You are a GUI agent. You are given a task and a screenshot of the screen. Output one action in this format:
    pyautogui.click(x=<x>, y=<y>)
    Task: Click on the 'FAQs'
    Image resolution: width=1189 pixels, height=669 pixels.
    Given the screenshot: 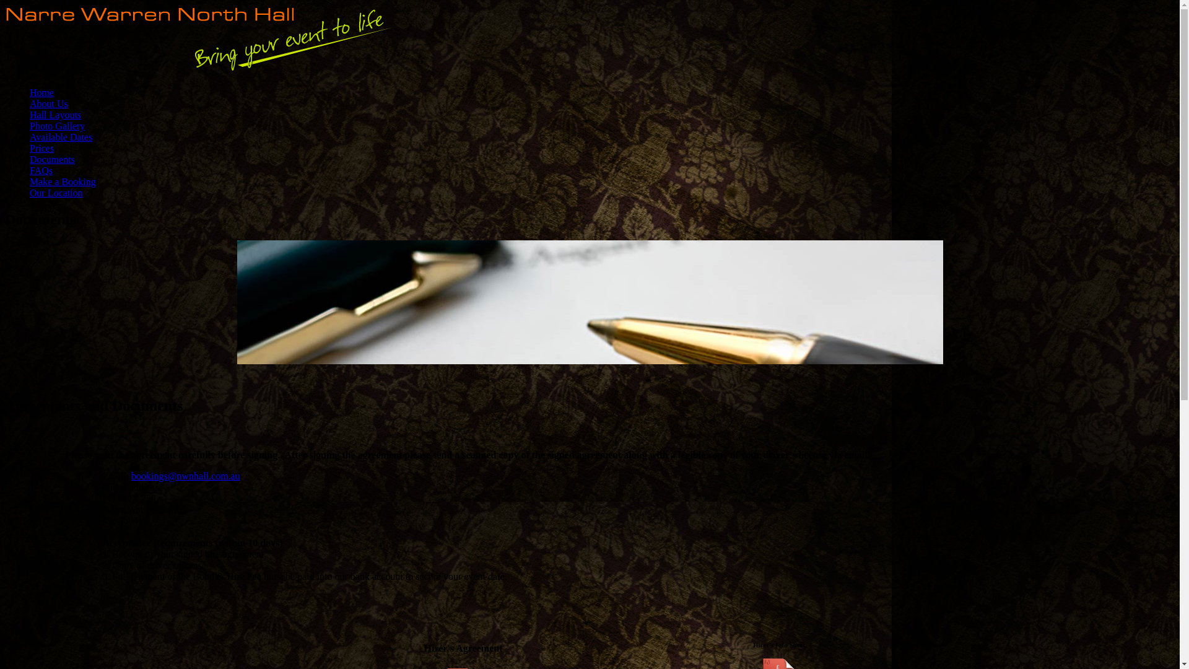 What is the action you would take?
    pyautogui.click(x=41, y=170)
    